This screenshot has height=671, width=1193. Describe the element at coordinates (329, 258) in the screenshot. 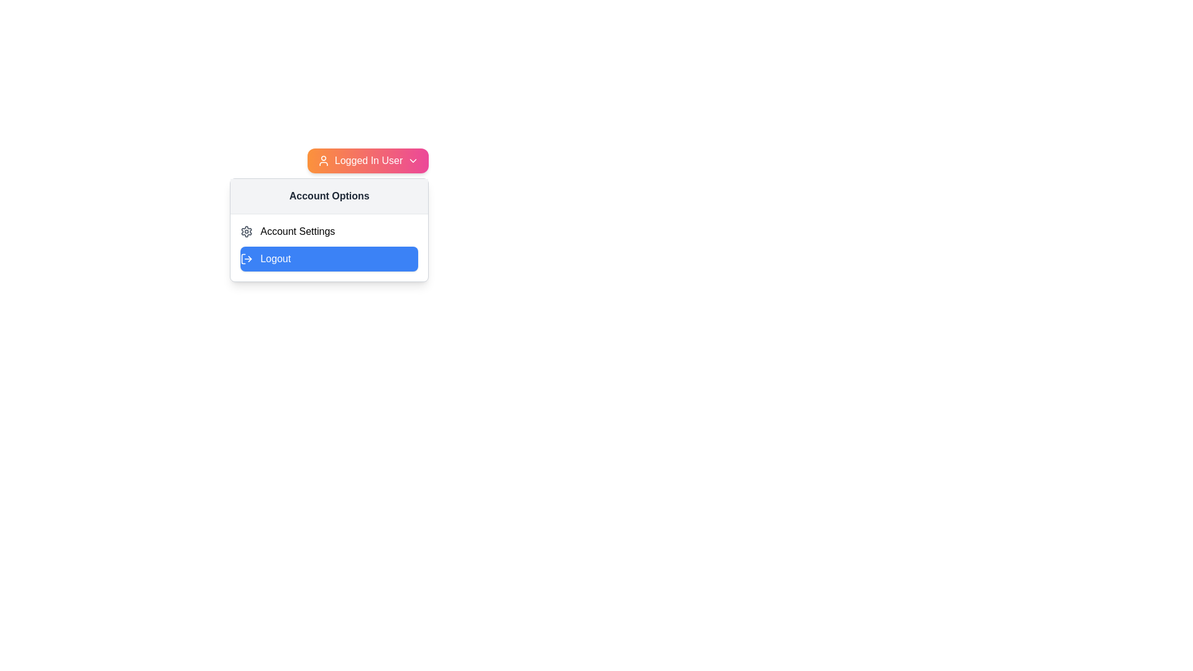

I see `the logout button located in the Account Options dropdown menu to log out of the account` at that location.